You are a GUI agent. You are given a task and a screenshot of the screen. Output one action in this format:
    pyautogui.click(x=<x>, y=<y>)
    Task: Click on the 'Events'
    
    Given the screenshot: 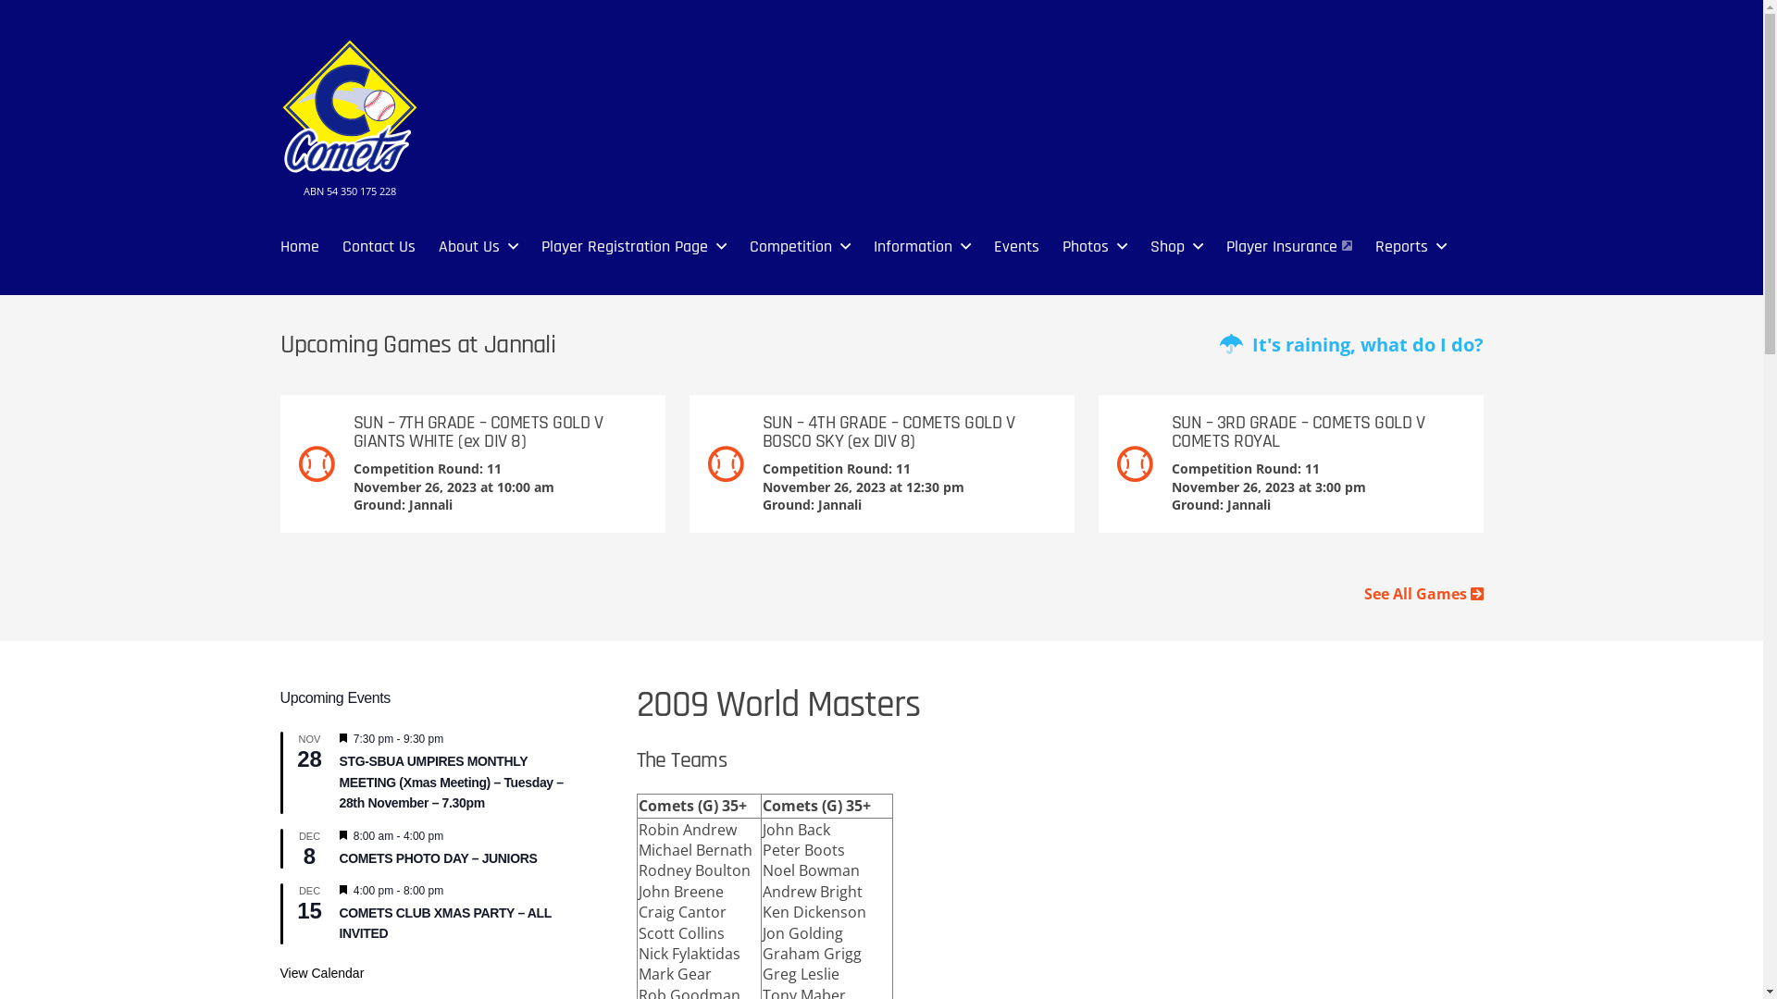 What is the action you would take?
    pyautogui.click(x=1015, y=245)
    